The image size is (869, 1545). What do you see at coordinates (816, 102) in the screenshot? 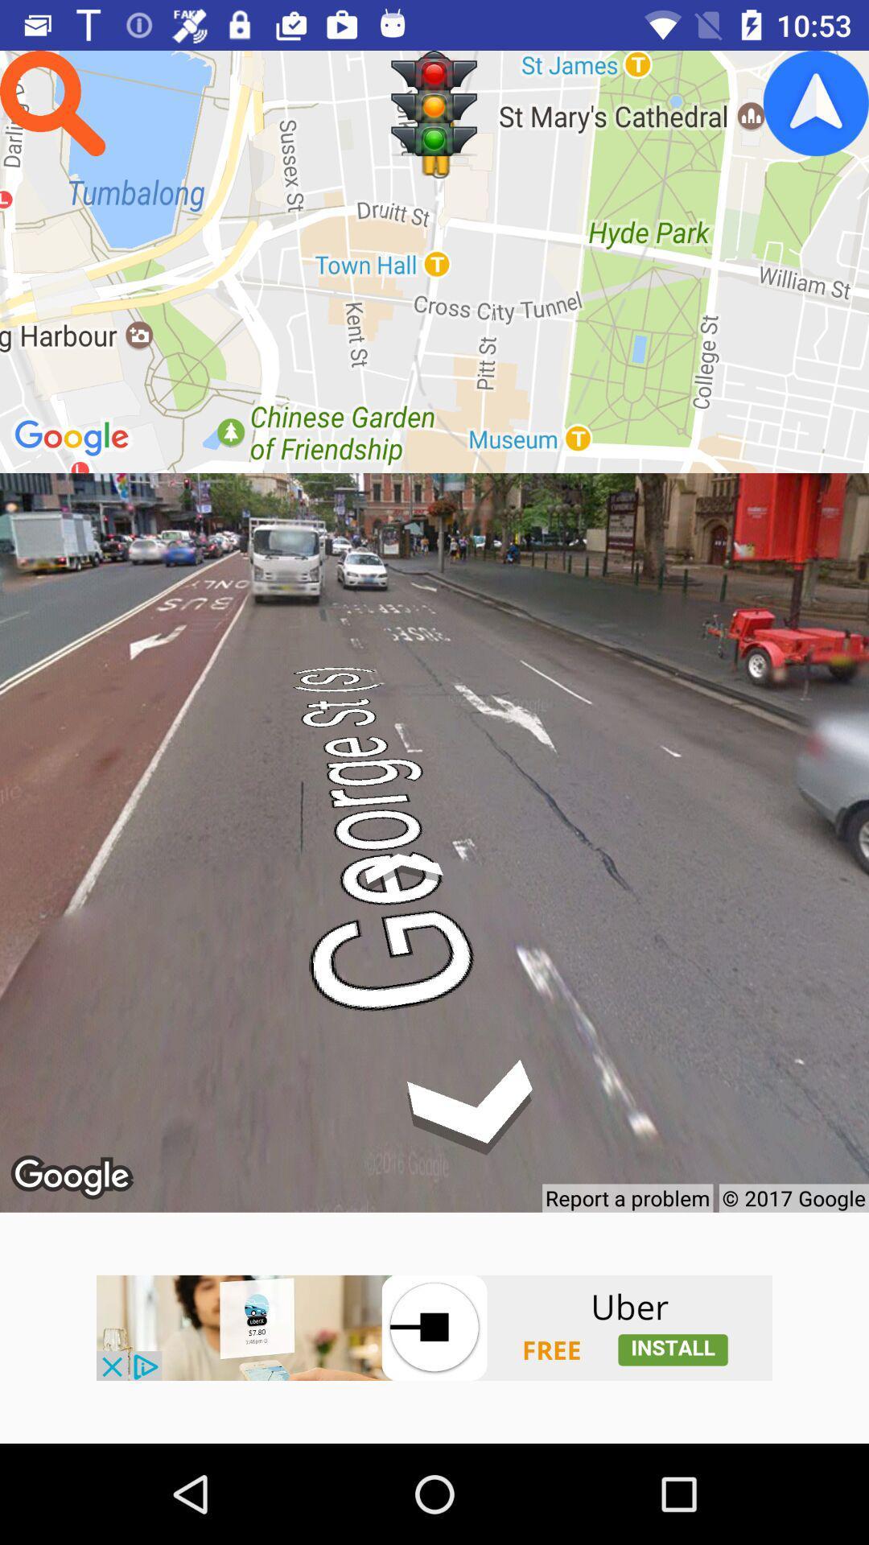
I see `location tracker` at bounding box center [816, 102].